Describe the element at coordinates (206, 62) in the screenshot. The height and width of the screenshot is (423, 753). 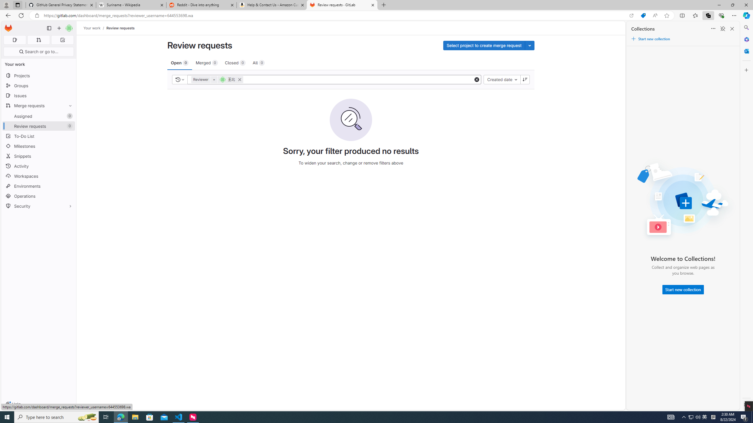
I see `'Merged 0'` at that location.